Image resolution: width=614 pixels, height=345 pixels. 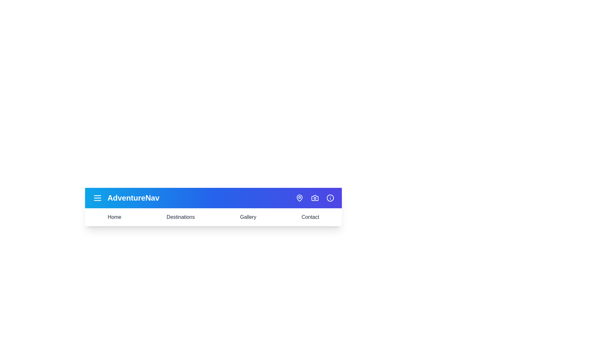 What do you see at coordinates (133, 198) in the screenshot?
I see `the text of the element AdventureNav for copying or inspection` at bounding box center [133, 198].